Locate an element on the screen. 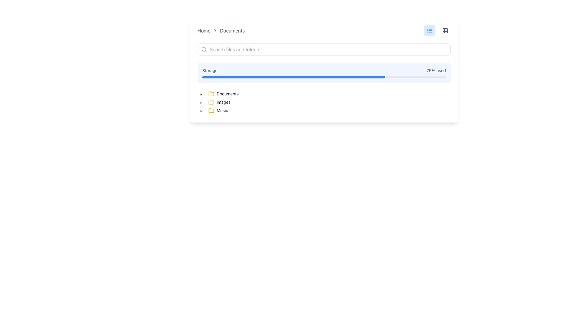  the 'Images' directory icon in the file browser interface, located next to the 'Documents' and 'Music' icons is located at coordinates (211, 102).